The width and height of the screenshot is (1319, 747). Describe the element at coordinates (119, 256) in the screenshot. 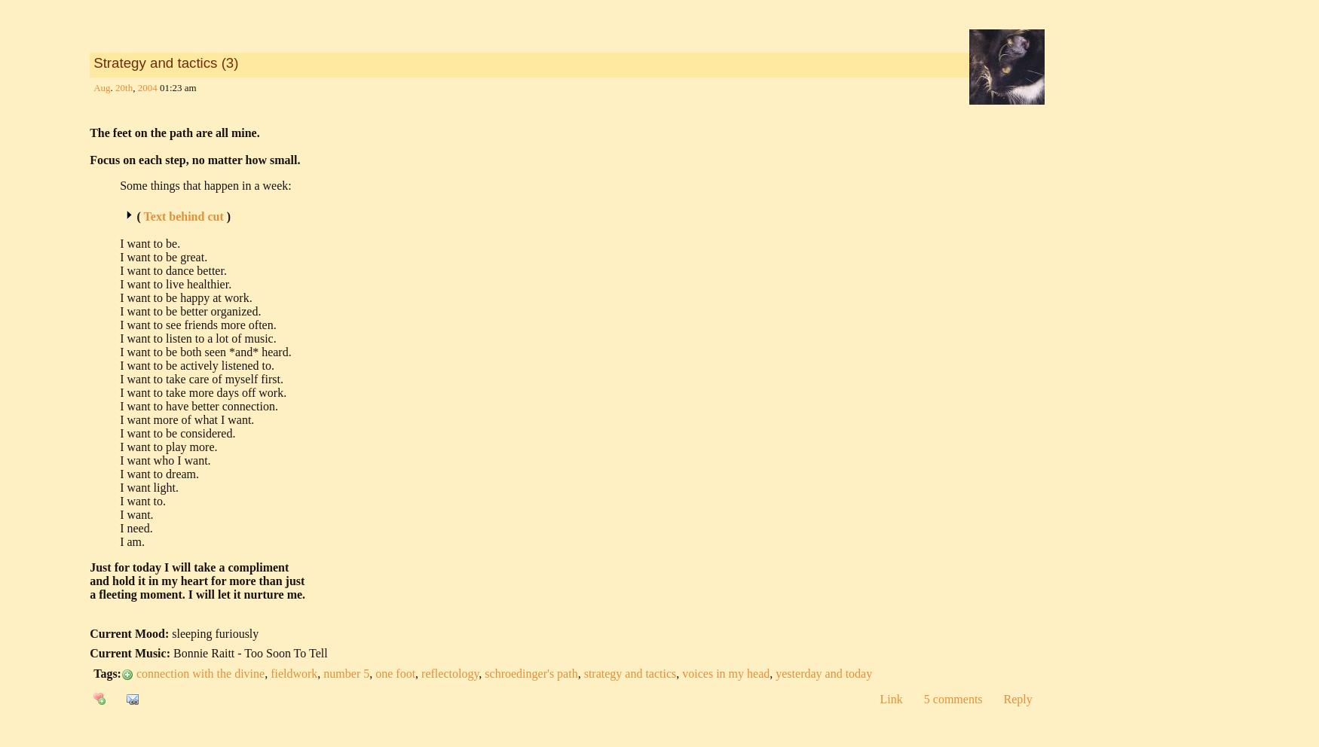

I see `'I want to be great.'` at that location.